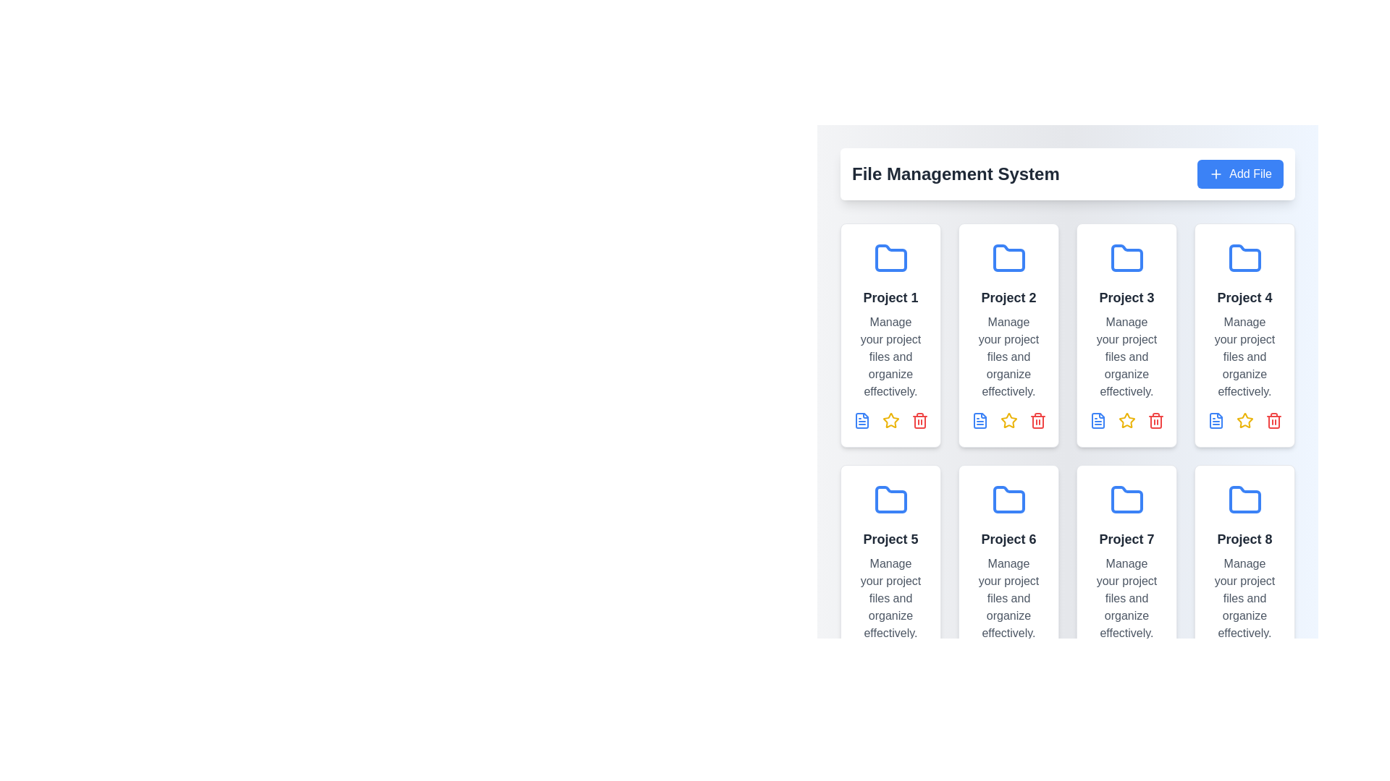  I want to click on the trash can icon located beneath the 'Project 3' card in the file management dashboard, so click(1155, 422).